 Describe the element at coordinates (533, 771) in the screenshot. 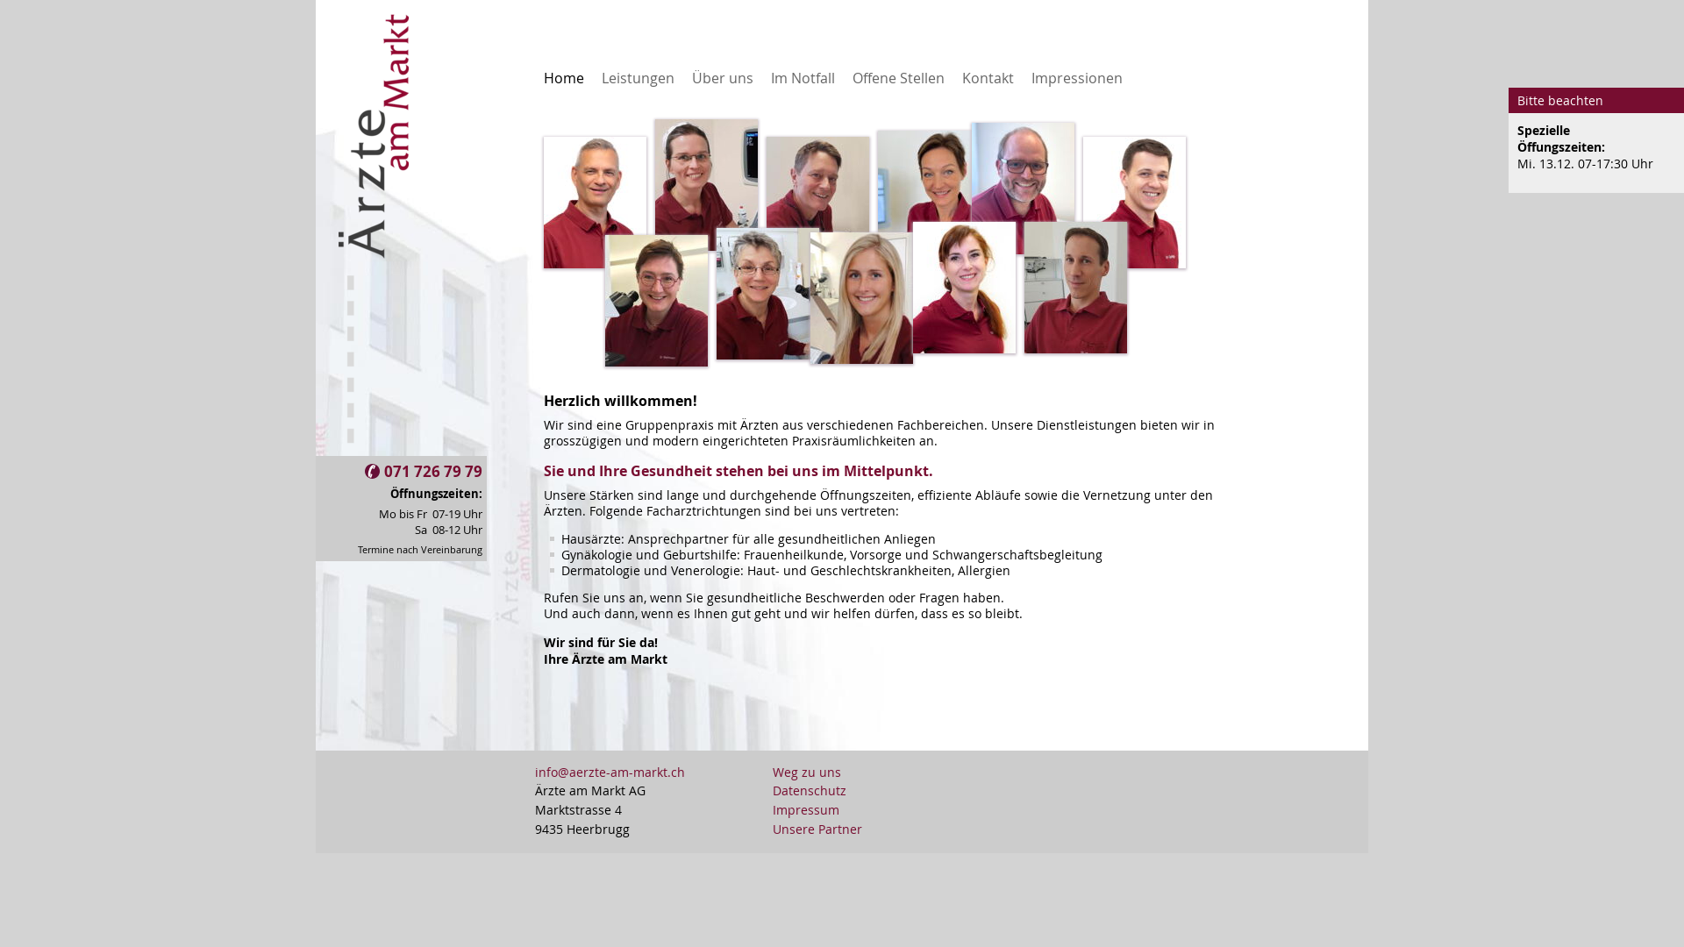

I see `'info@aerzte-am-markt.ch'` at that location.